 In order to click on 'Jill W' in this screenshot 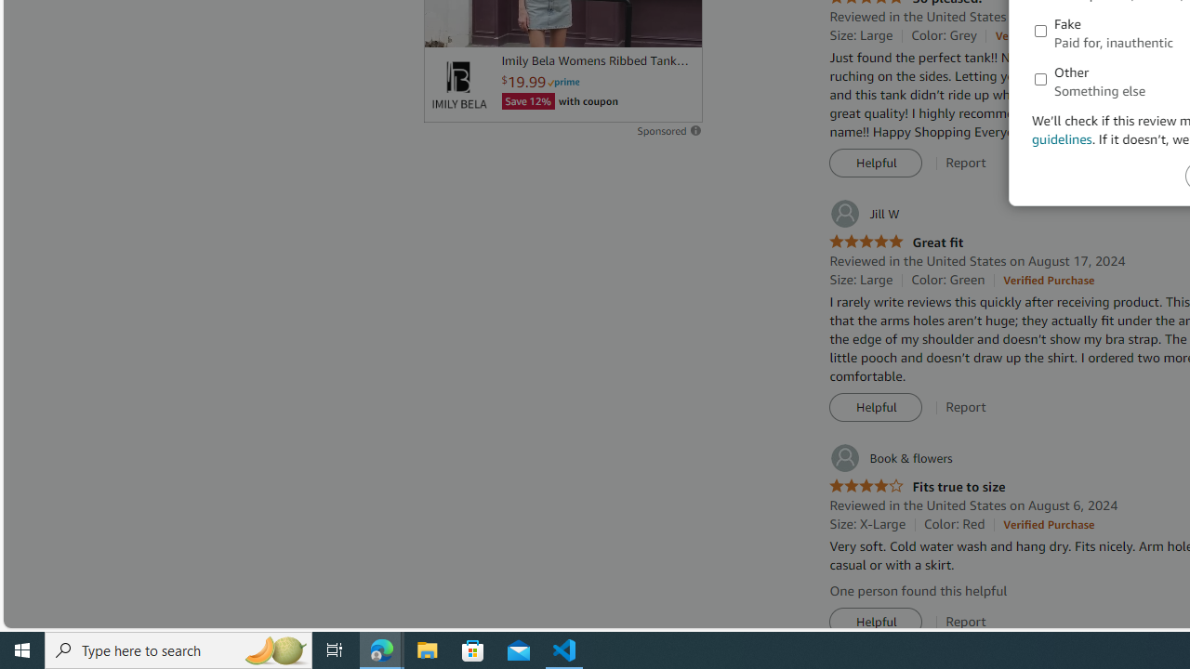, I will do `click(863, 213)`.